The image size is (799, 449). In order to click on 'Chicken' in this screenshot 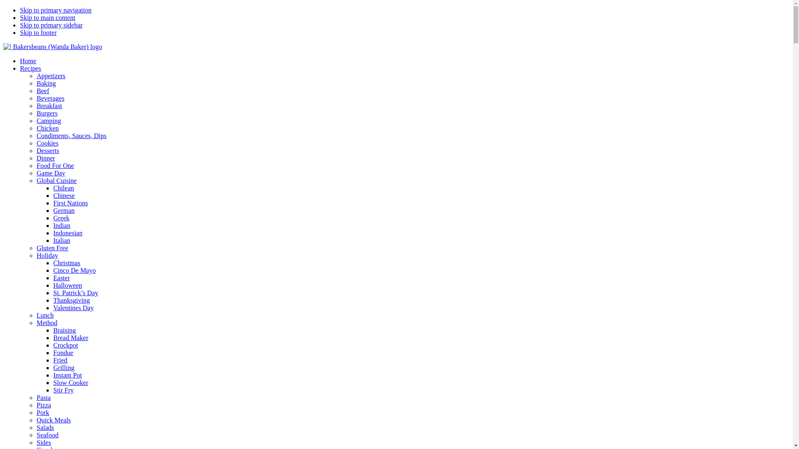, I will do `click(47, 128)`.